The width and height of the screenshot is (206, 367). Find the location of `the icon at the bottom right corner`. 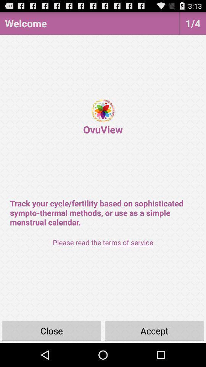

the icon at the bottom right corner is located at coordinates (154, 330).